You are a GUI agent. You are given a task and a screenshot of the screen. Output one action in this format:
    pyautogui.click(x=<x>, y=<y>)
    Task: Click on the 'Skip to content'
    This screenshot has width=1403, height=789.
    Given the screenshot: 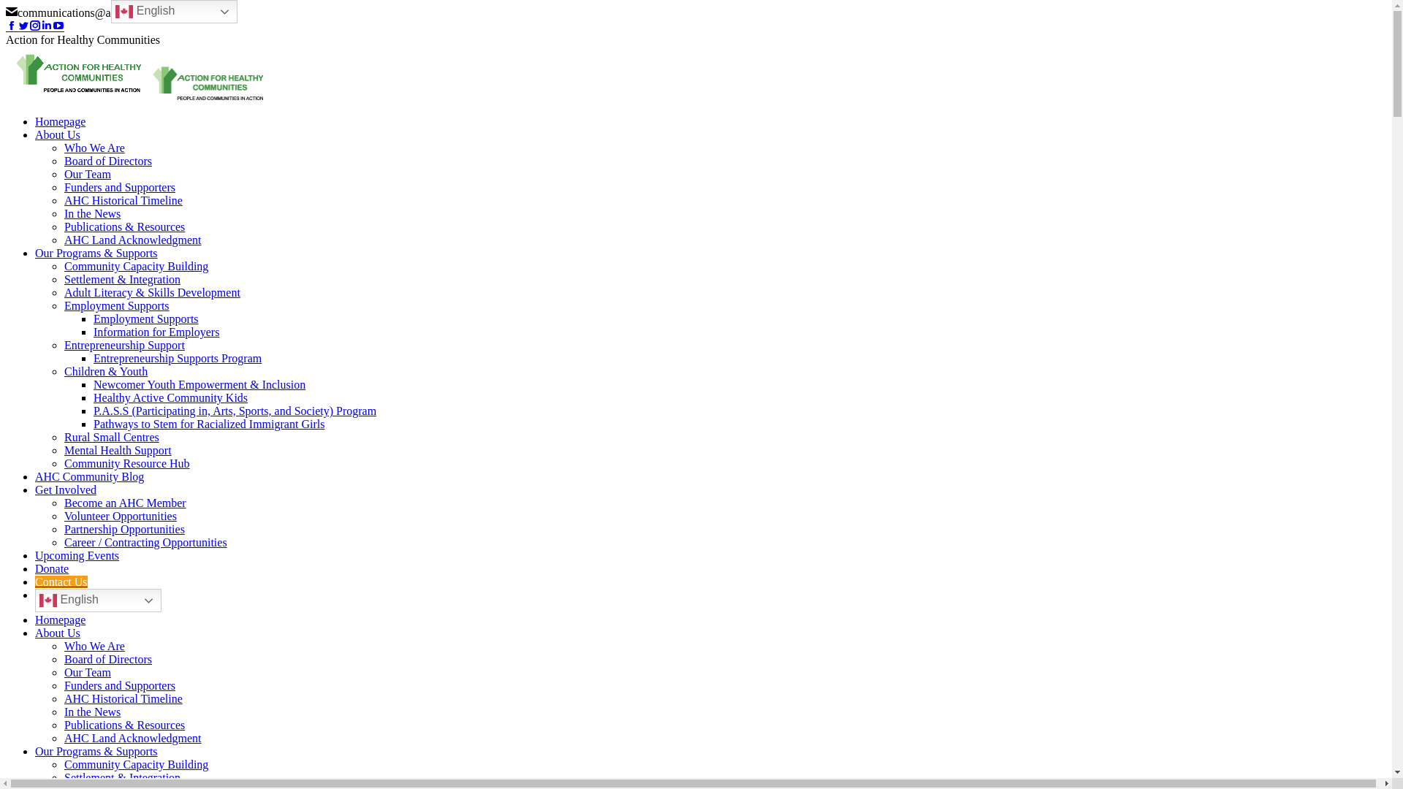 What is the action you would take?
    pyautogui.click(x=5, y=5)
    